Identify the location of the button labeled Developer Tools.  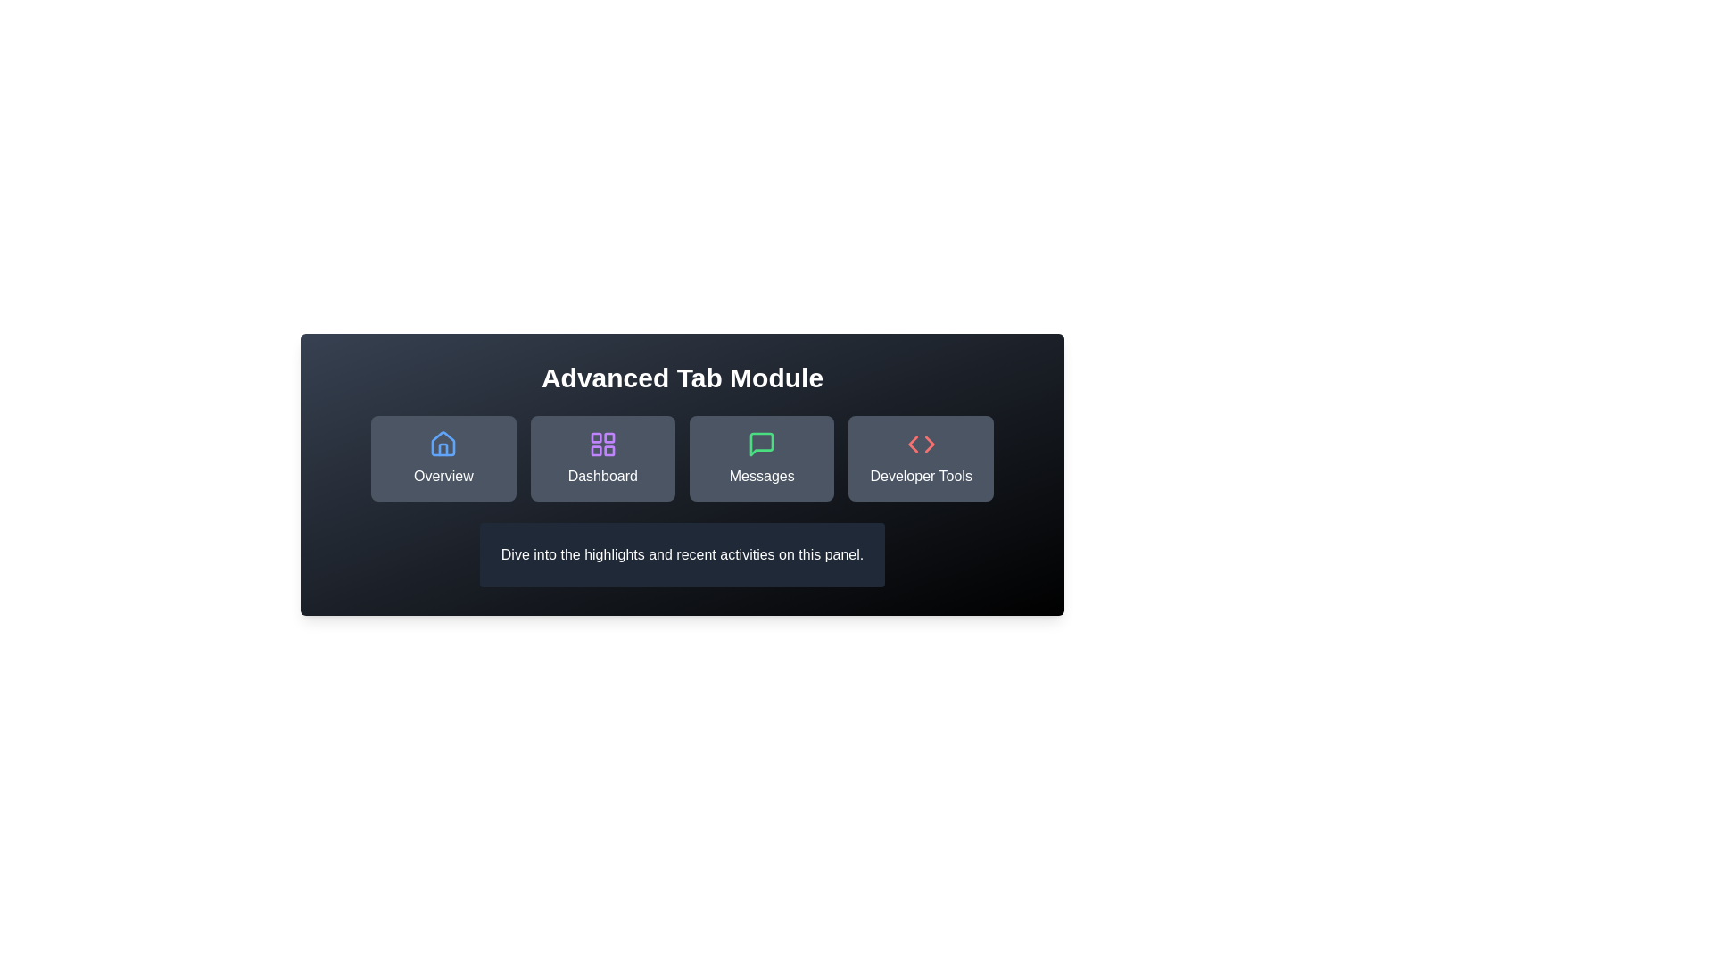
(921, 457).